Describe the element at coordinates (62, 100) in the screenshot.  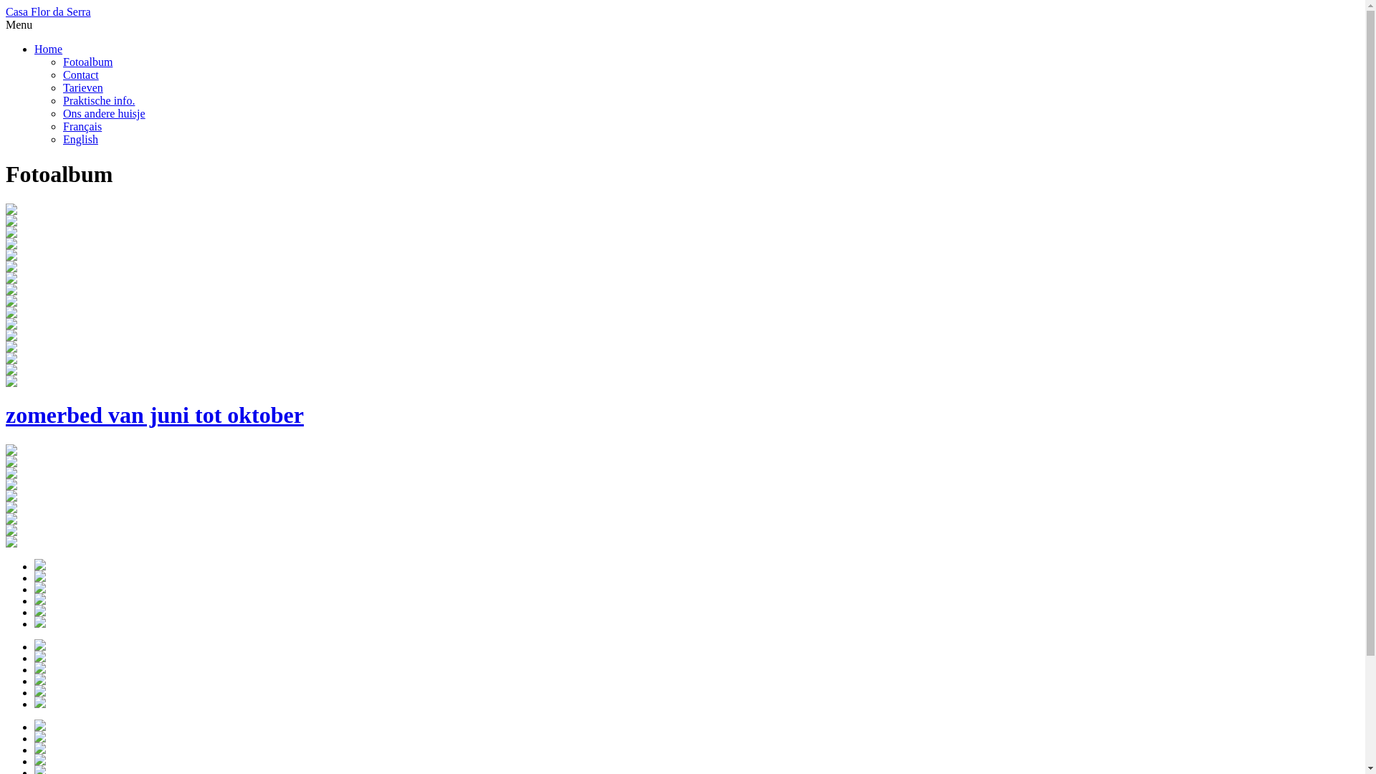
I see `'Praktische info.'` at that location.